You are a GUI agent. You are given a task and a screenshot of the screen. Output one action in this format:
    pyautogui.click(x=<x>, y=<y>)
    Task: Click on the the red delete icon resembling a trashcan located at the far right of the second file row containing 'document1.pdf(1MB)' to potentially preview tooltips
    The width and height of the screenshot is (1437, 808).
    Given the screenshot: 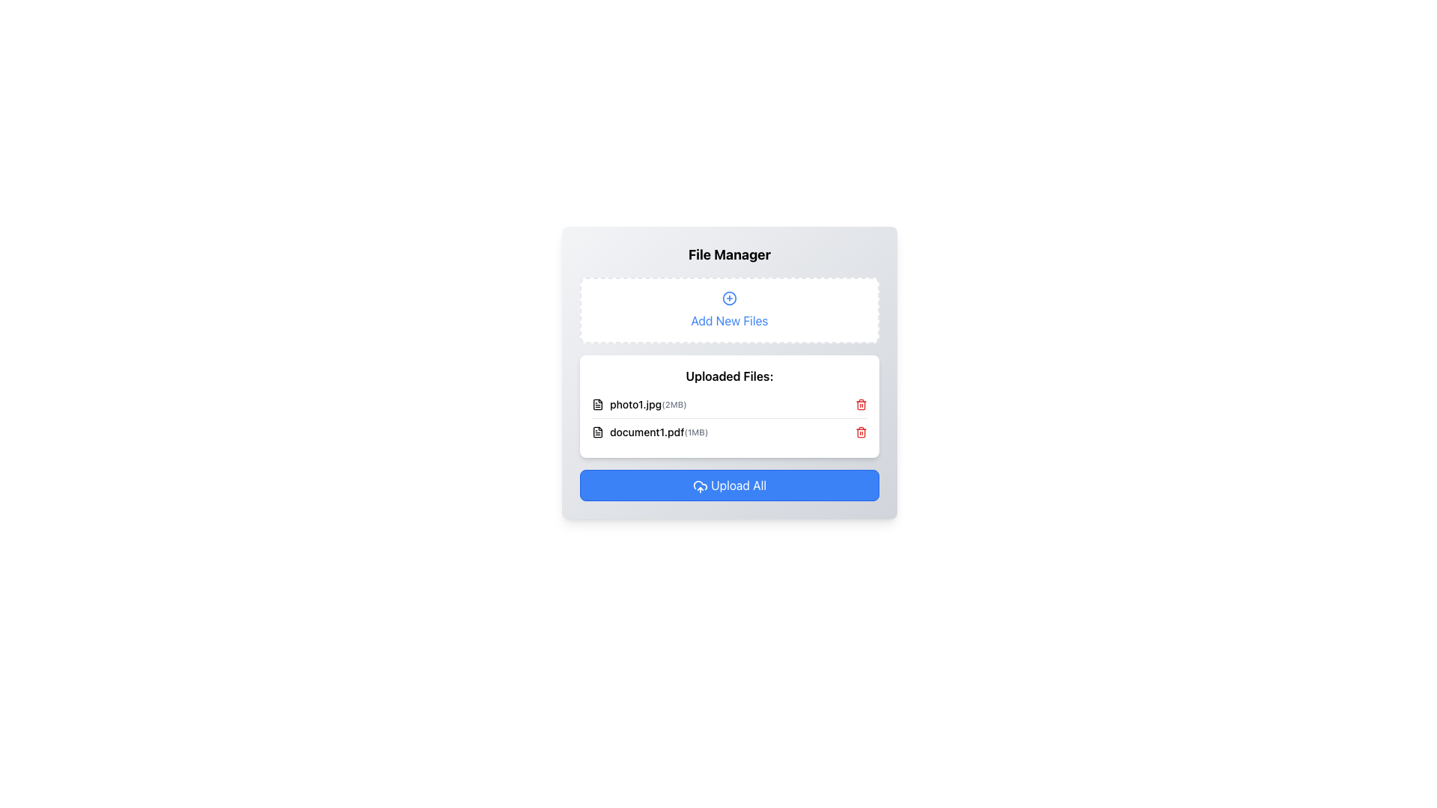 What is the action you would take?
    pyautogui.click(x=861, y=432)
    